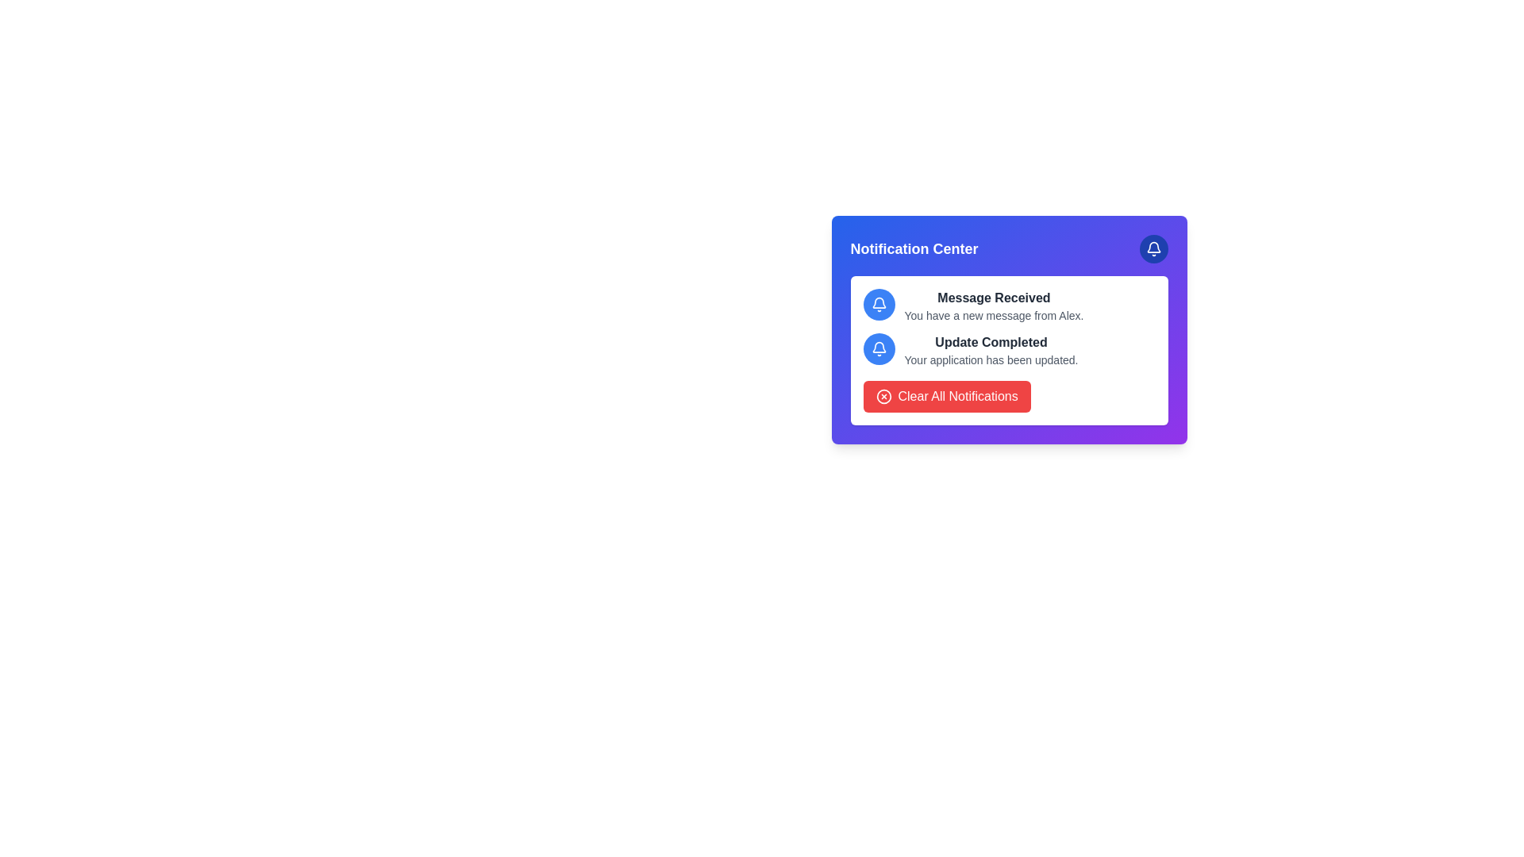  I want to click on the bell icon in the top-right corner of the notification panel, which visually indicates notifications, so click(878, 302).